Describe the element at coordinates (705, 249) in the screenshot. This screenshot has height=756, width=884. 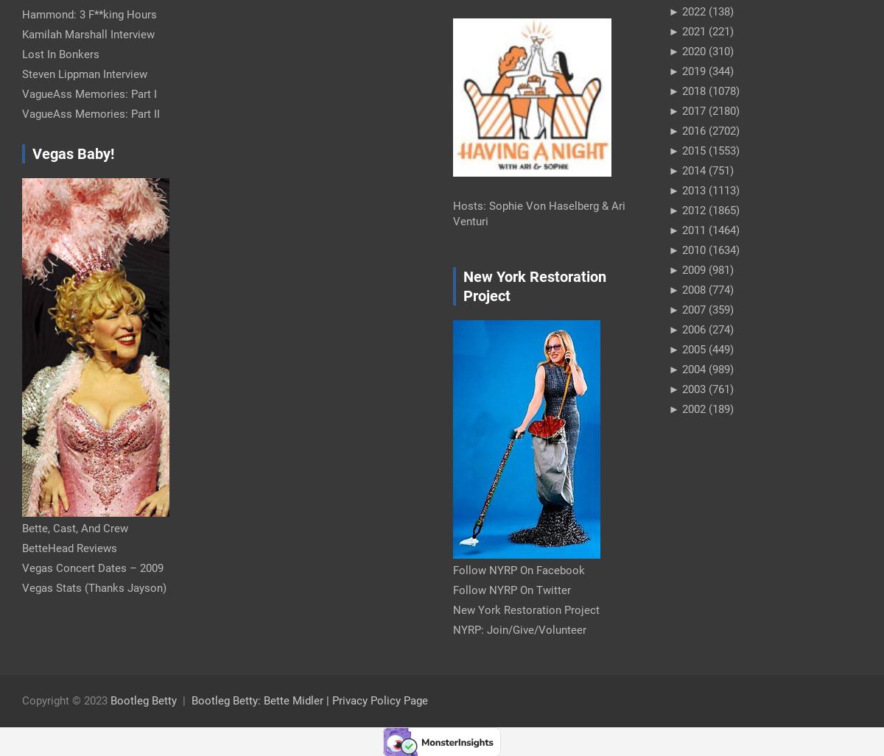
I see `'(1634)'` at that location.